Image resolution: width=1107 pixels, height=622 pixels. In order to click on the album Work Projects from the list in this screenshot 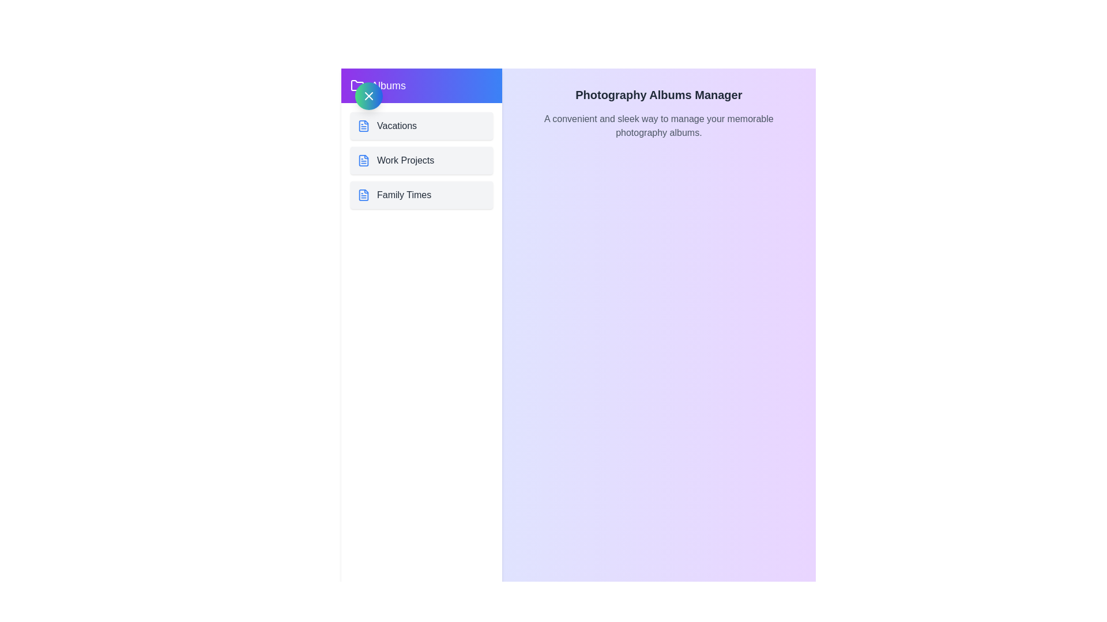, I will do `click(420, 160)`.